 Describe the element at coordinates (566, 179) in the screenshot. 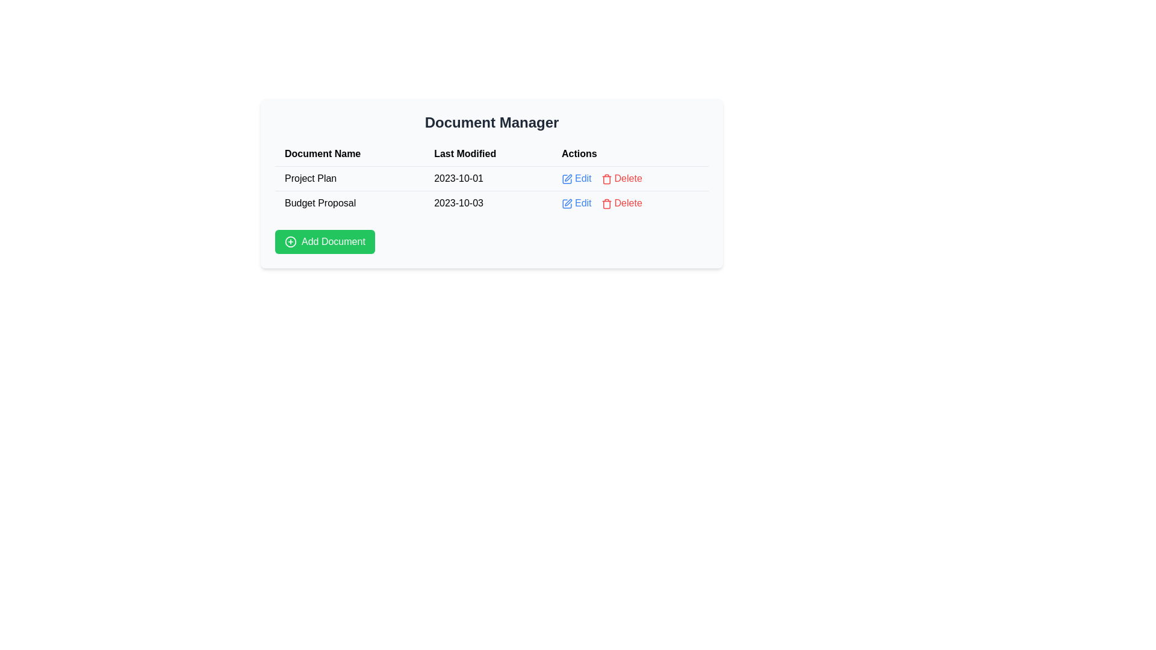

I see `the blue square icon with a pen inside the interactive 'Edit' button next to the 'Edit' label` at that location.